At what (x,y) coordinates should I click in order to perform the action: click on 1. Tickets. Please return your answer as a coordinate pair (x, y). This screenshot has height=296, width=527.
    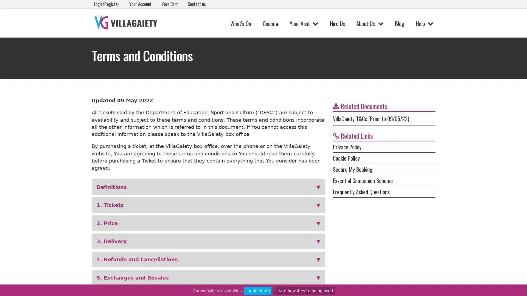
    Looking at the image, I should click on (208, 205).